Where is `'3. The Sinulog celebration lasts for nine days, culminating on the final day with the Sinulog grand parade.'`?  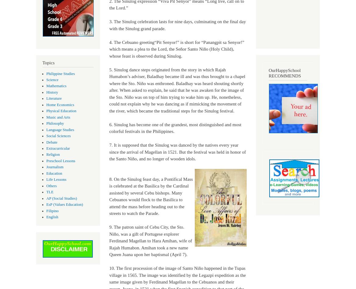 '3. The Sinulog celebration lasts for nine days, culminating on the final day with the Sinulog grand parade.' is located at coordinates (177, 25).